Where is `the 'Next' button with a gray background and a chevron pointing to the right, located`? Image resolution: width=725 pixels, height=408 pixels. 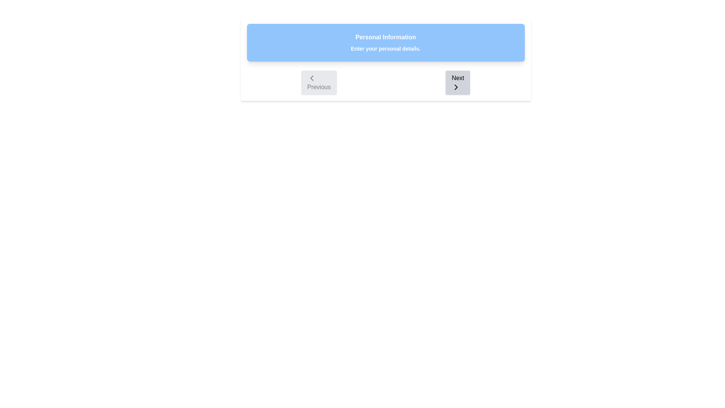 the 'Next' button with a gray background and a chevron pointing to the right, located is located at coordinates (457, 83).